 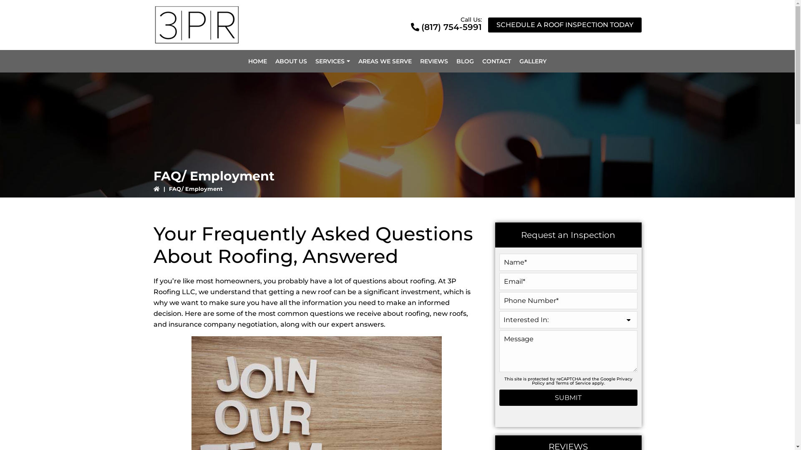 I want to click on '(817) 754-5991', so click(x=446, y=27).